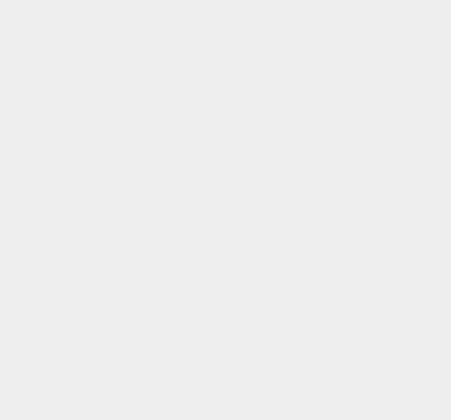 This screenshot has width=451, height=420. I want to click on 'How to Maximize AV Technology for Productivity', so click(373, 389).